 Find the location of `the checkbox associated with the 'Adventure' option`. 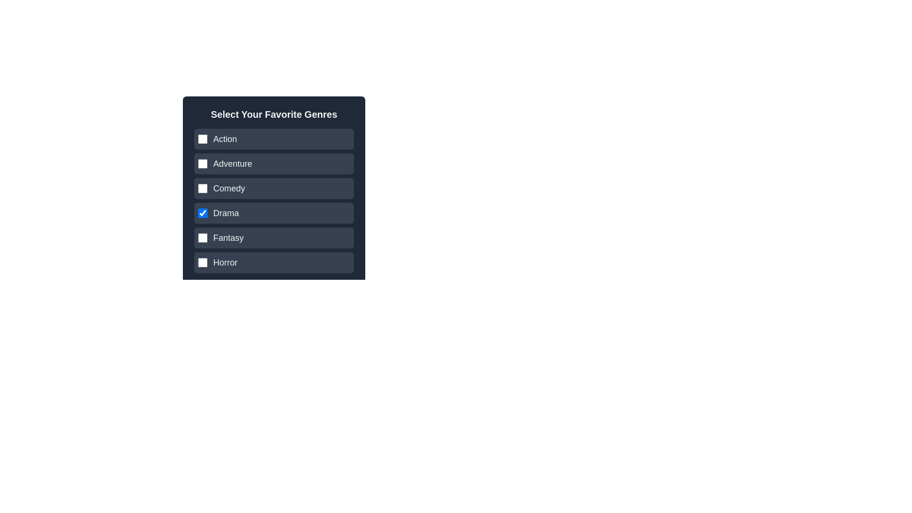

the checkbox associated with the 'Adventure' option is located at coordinates (202, 163).